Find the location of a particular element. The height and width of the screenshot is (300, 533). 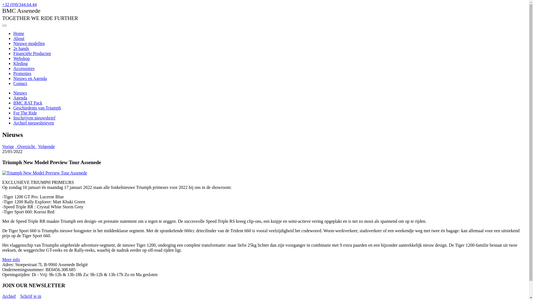

'Home' is located at coordinates (19, 33).